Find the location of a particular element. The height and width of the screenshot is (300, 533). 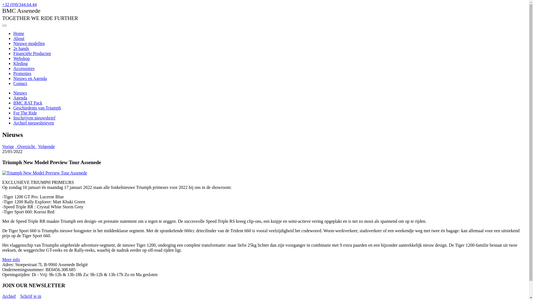

'Home' is located at coordinates (19, 33).